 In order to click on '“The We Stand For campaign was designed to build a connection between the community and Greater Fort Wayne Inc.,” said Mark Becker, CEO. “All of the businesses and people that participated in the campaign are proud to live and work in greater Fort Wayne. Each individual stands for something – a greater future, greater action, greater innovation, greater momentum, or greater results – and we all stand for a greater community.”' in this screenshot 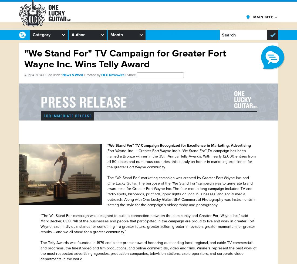, I will do `click(40, 223)`.